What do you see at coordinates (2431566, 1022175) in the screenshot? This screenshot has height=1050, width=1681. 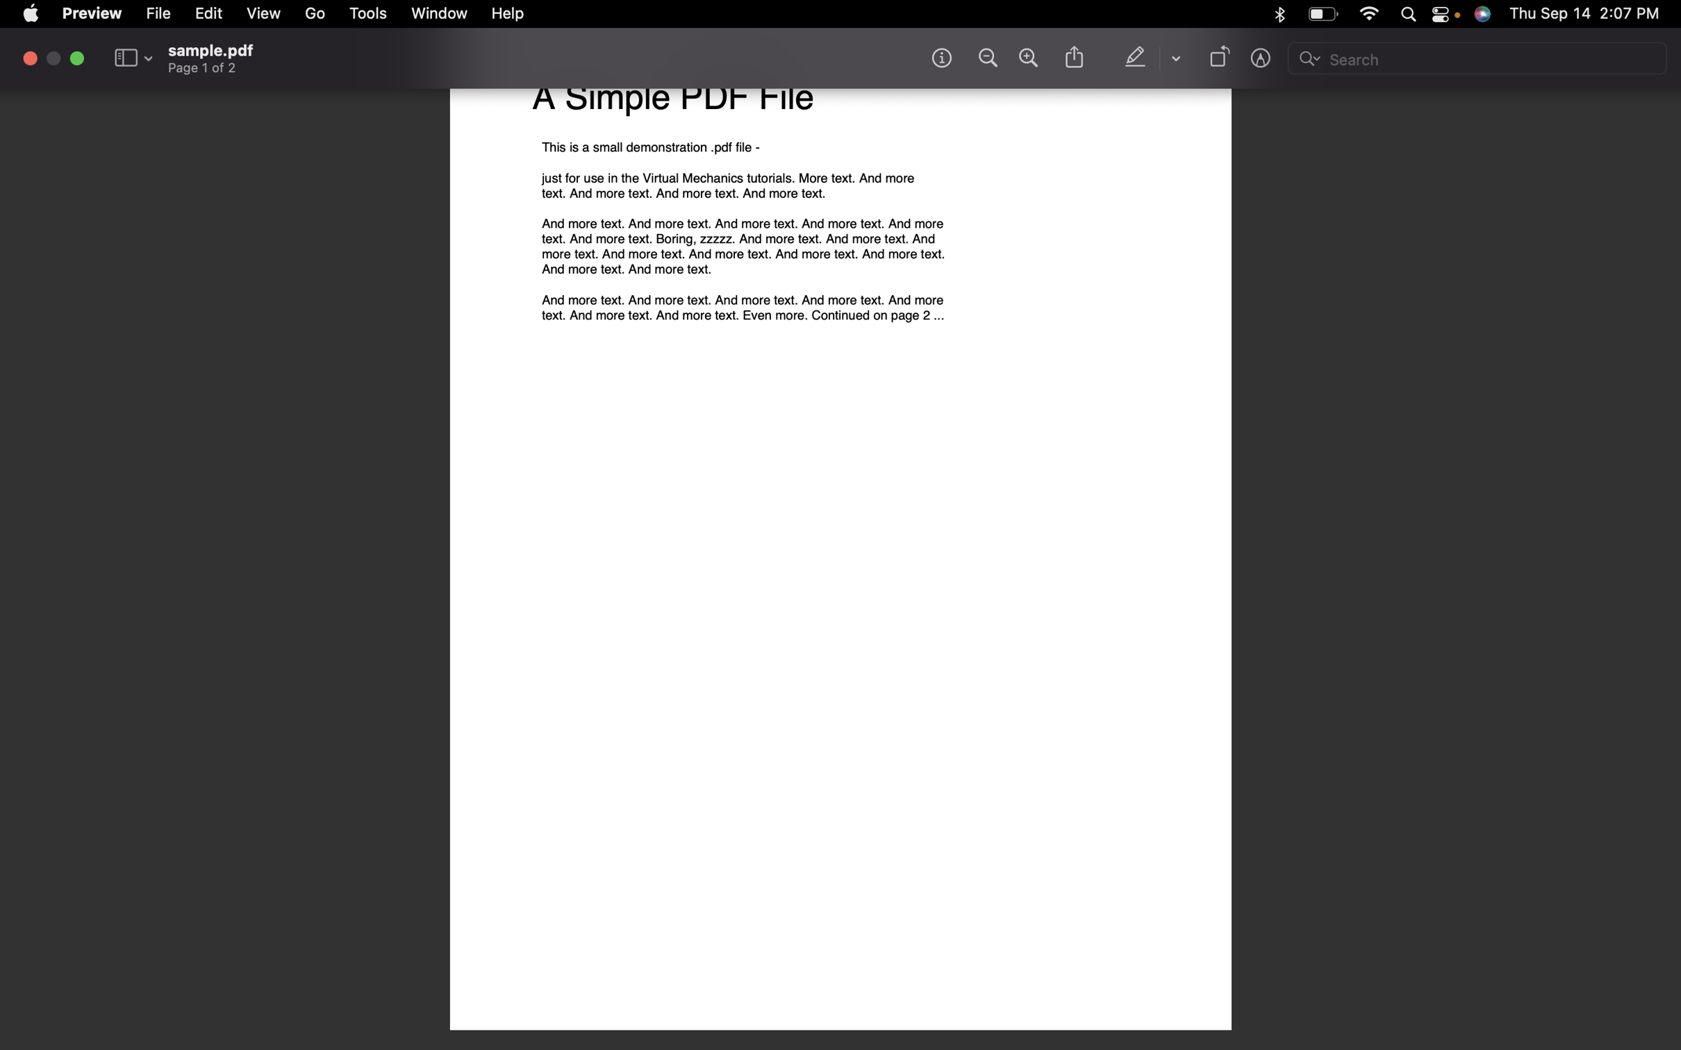 I see `Scroll down to see next page` at bounding box center [2431566, 1022175].